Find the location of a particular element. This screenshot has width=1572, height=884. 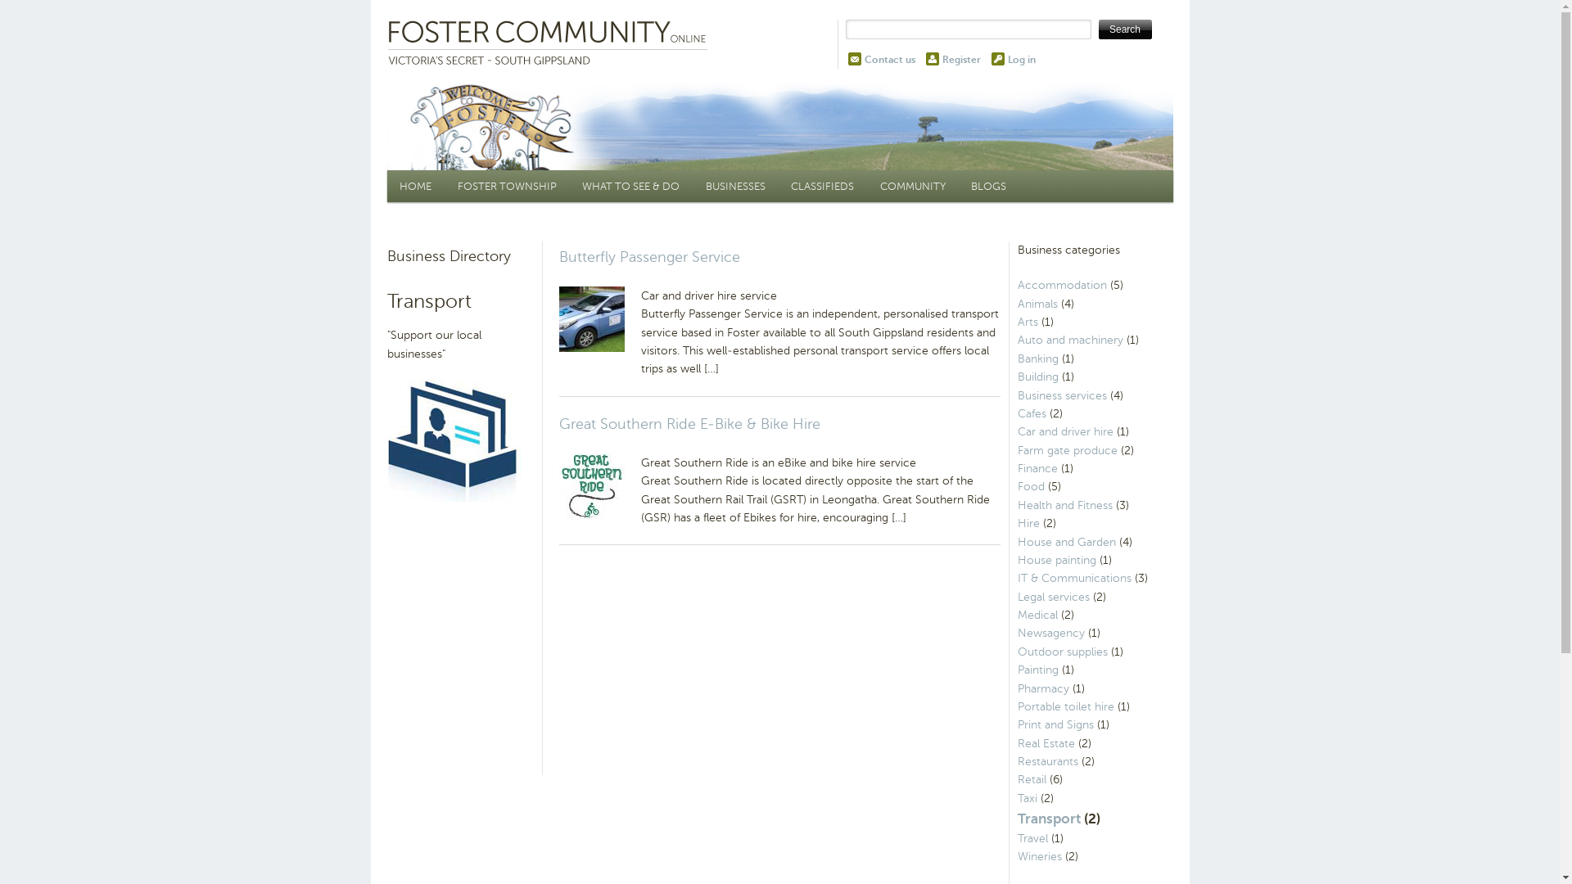

'HOME' is located at coordinates (415, 185).